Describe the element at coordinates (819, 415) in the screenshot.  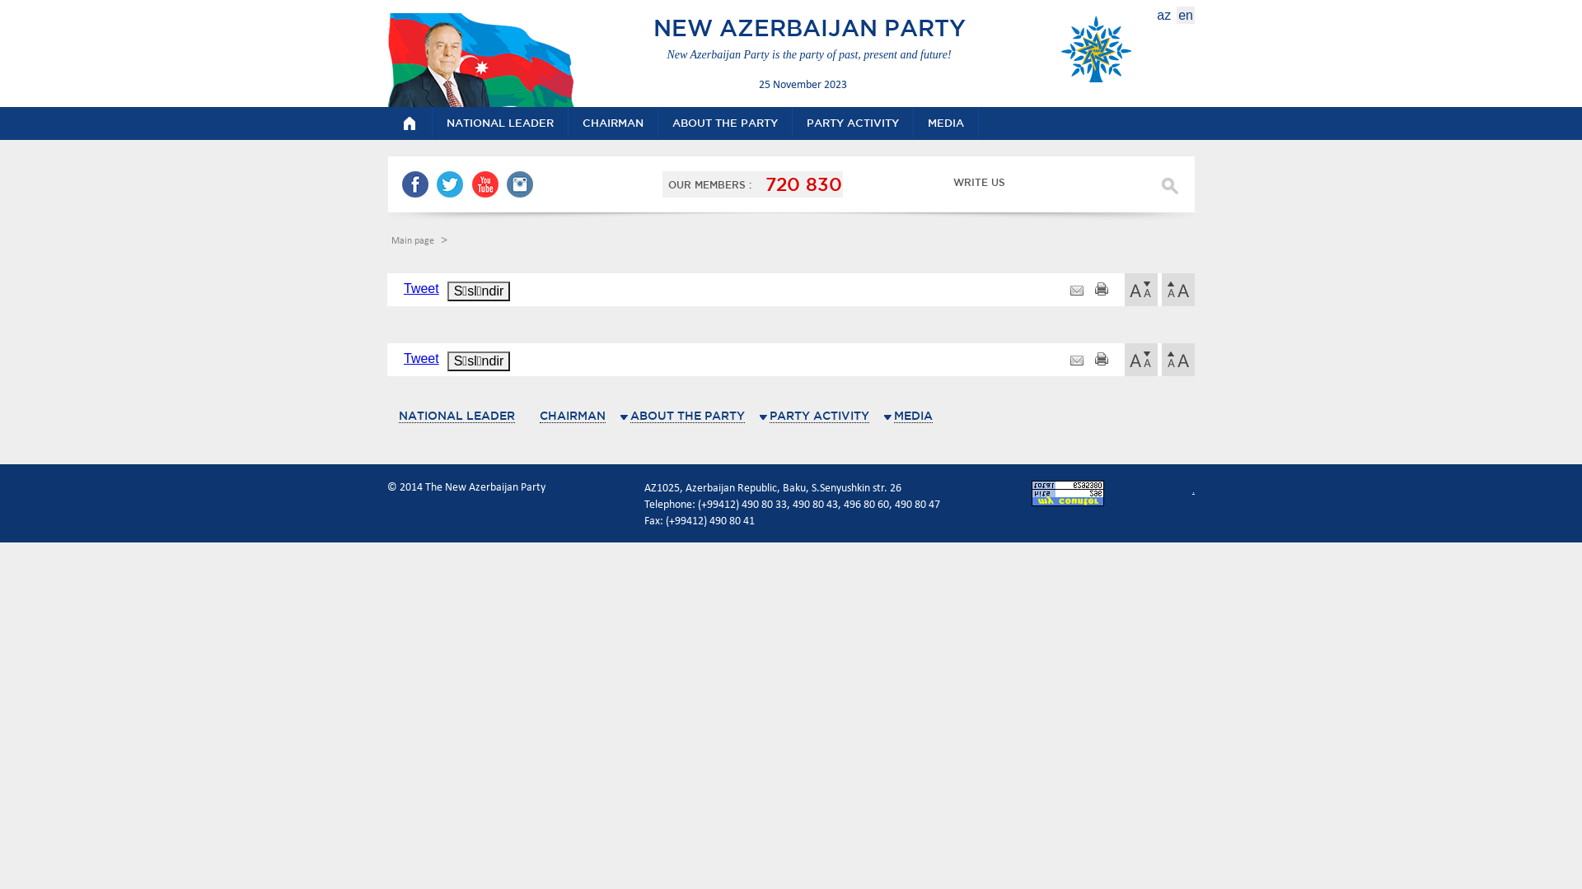
I see `'PARTY ACTIVITY'` at that location.